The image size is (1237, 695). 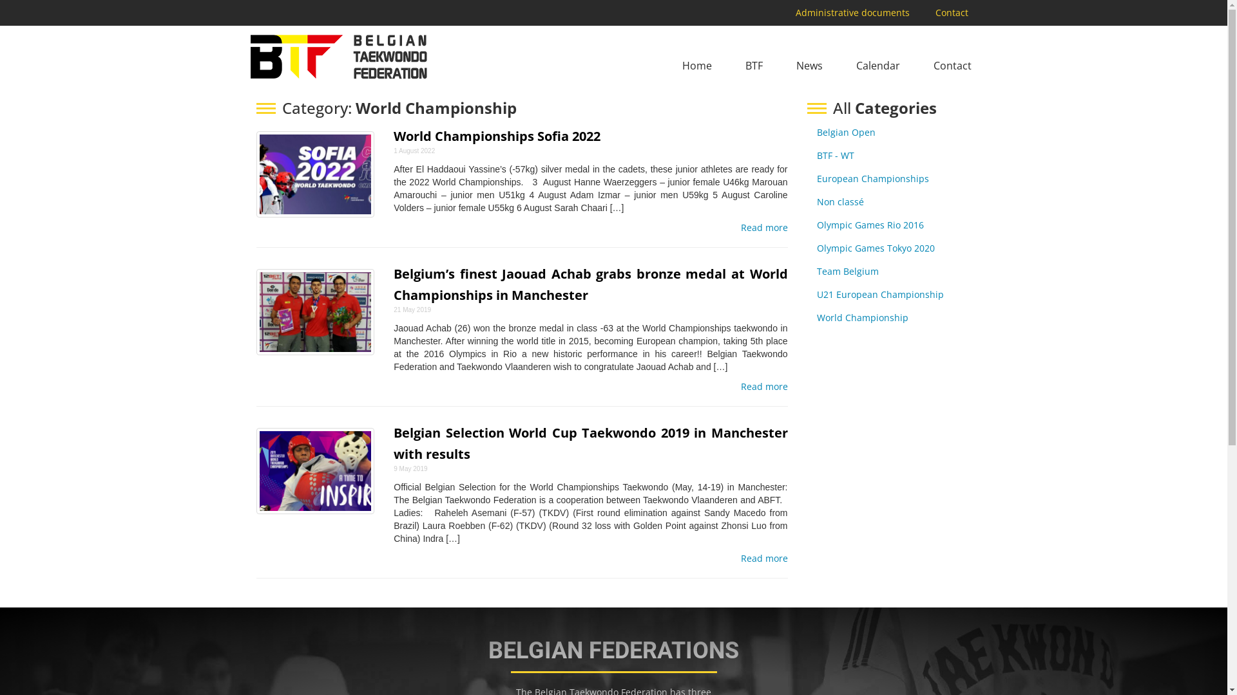 What do you see at coordinates (852, 12) in the screenshot?
I see `'Administrative documents'` at bounding box center [852, 12].